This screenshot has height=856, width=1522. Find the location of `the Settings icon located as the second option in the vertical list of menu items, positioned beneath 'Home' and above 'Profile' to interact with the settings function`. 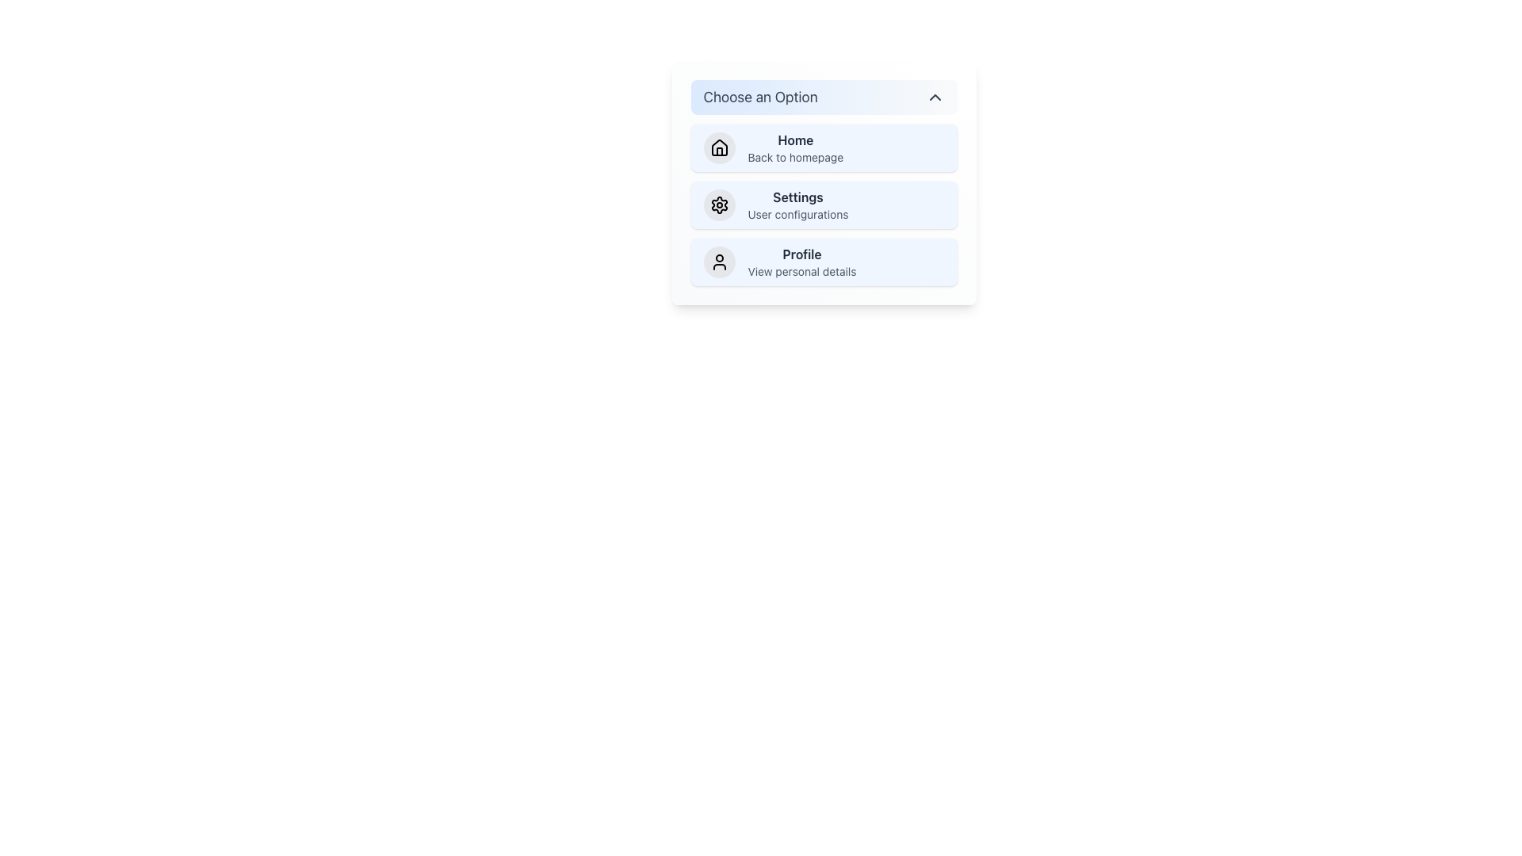

the Settings icon located as the second option in the vertical list of menu items, positioned beneath 'Home' and above 'Profile' to interact with the settings function is located at coordinates (718, 204).